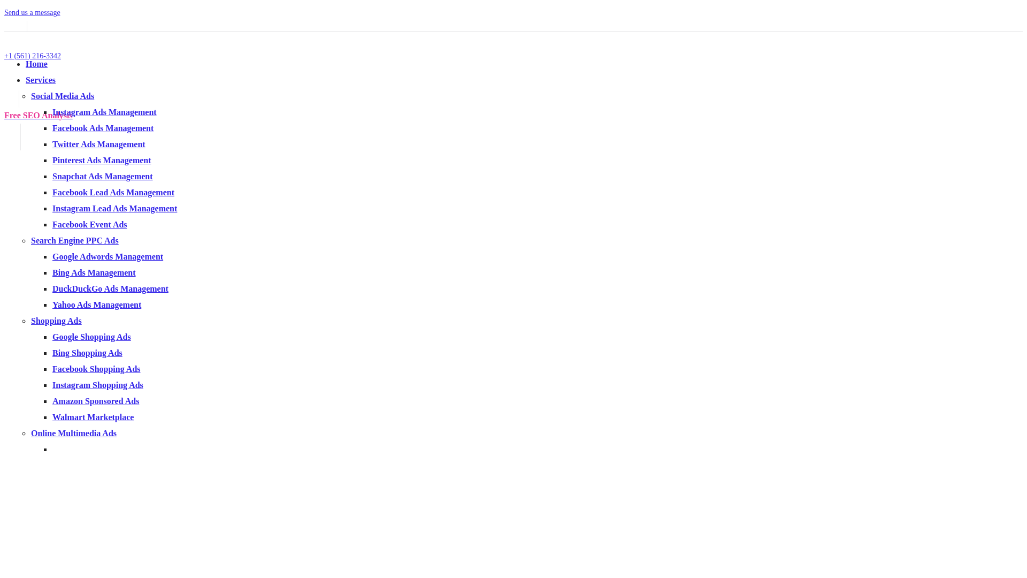  Describe the element at coordinates (62, 95) in the screenshot. I see `'Social Media Ads'` at that location.